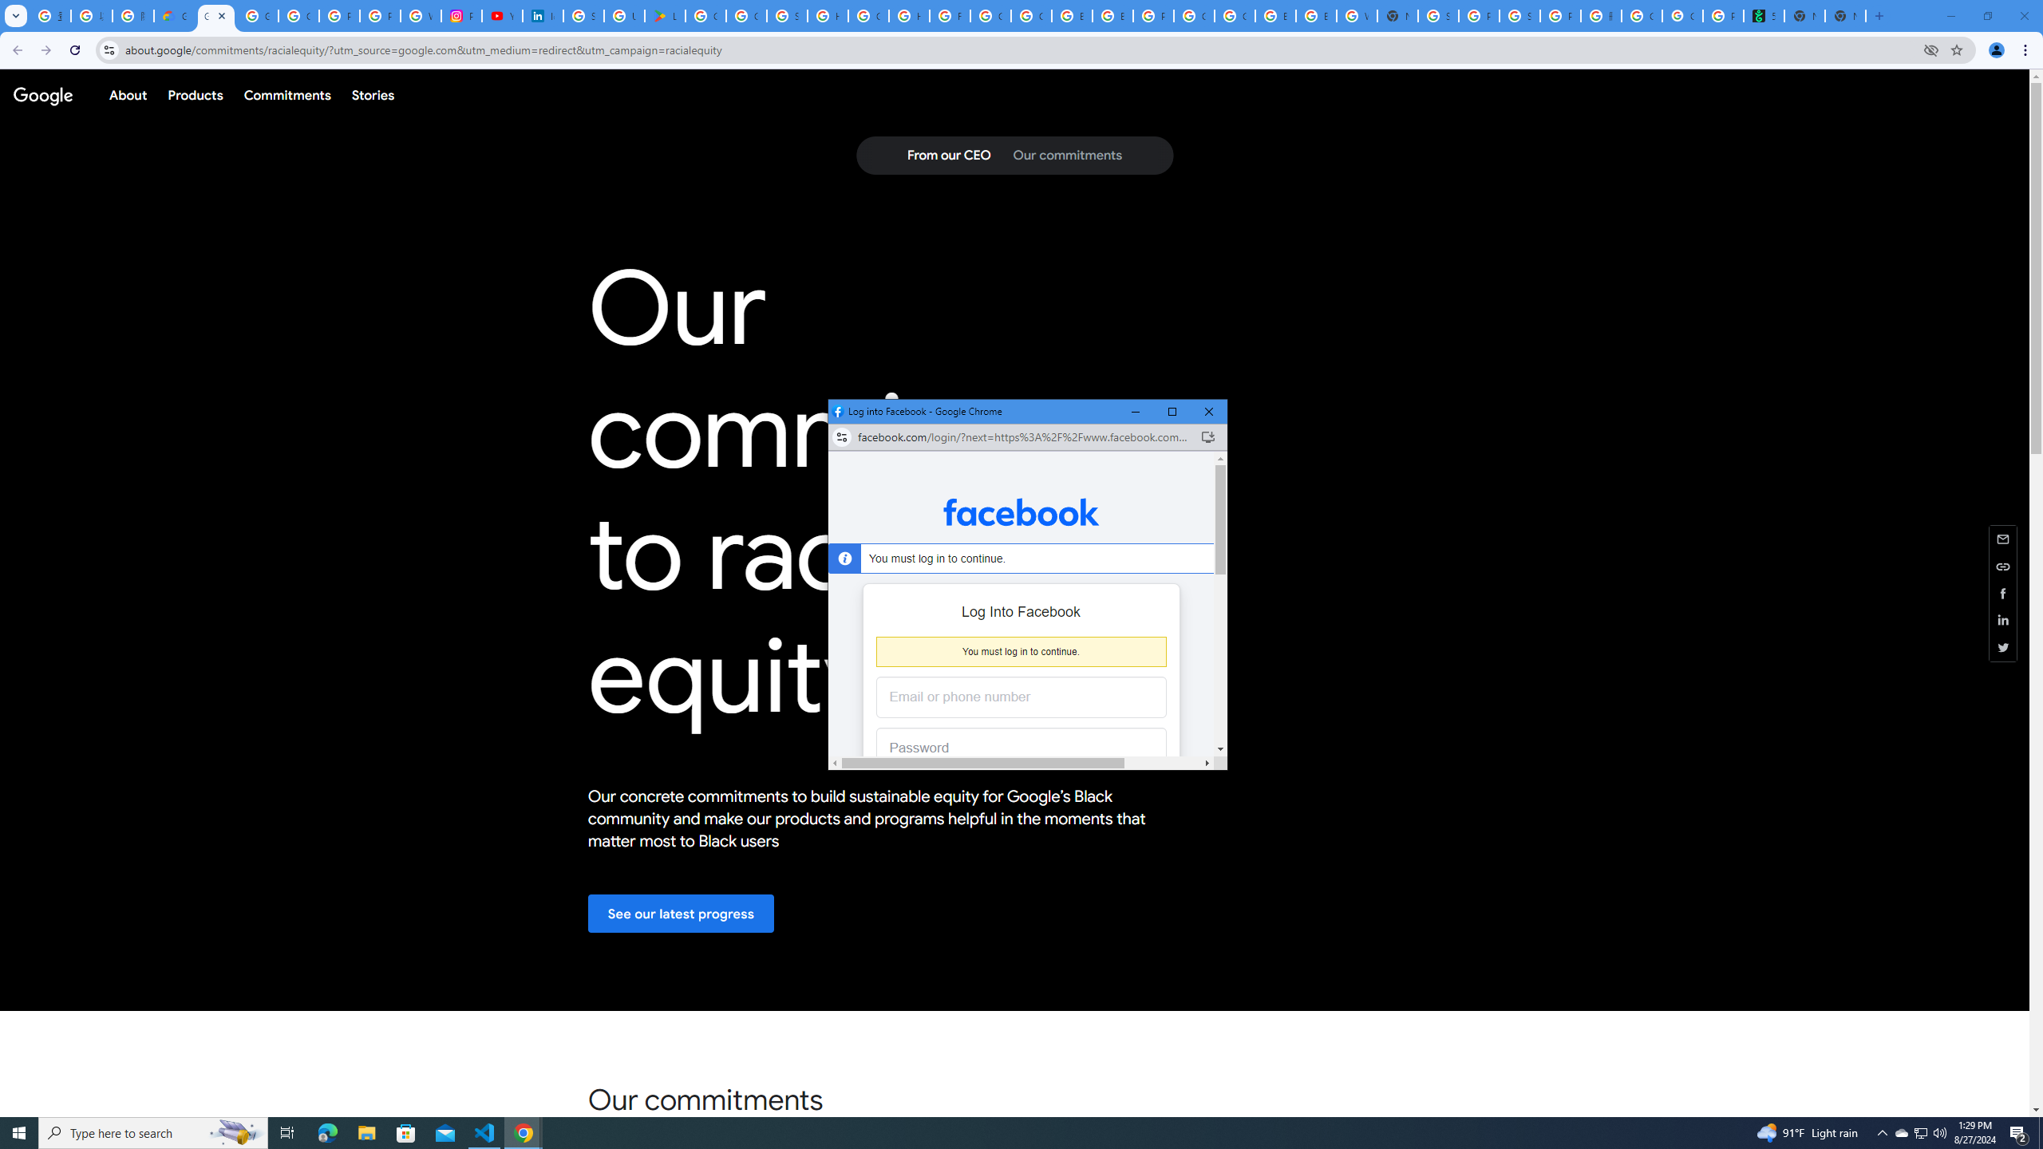 The height and width of the screenshot is (1149, 2043). What do you see at coordinates (286, 94) in the screenshot?
I see `'Commitments'` at bounding box center [286, 94].